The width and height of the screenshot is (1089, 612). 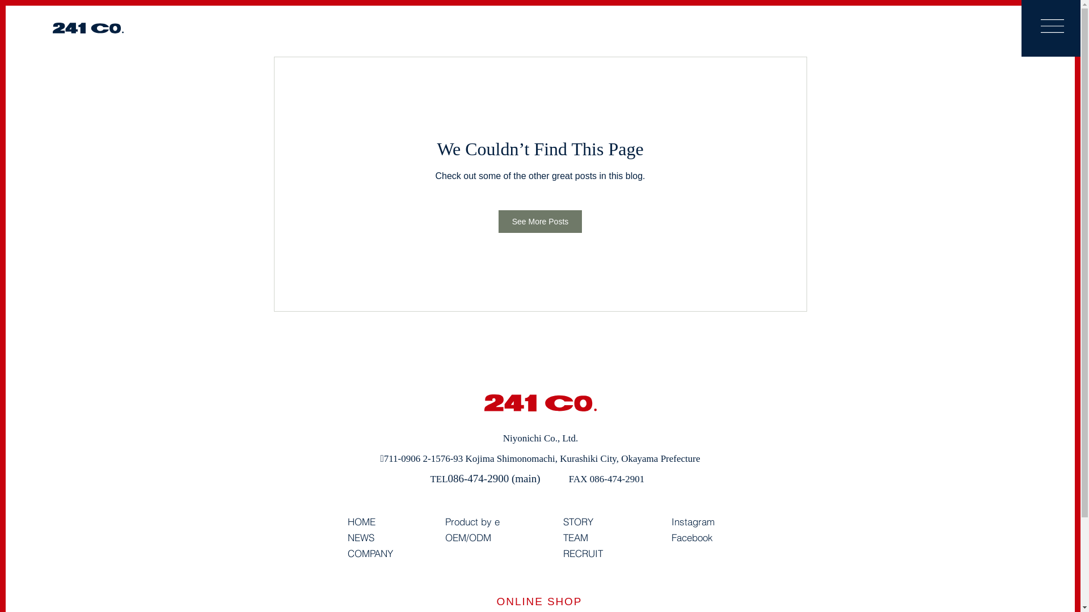 What do you see at coordinates (467, 537) in the screenshot?
I see `'OEM/ODM'` at bounding box center [467, 537].